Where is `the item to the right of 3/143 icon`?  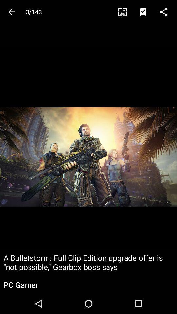
the item to the right of 3/143 icon is located at coordinates (125, 11).